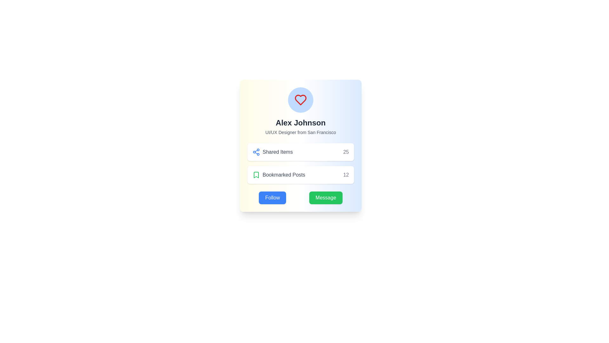 This screenshot has width=609, height=343. I want to click on the share icon which is styled in blue and located in the 'Shared Items' row of the card interface, positioned to the left of the 'Shared Items' text, so click(256, 152).